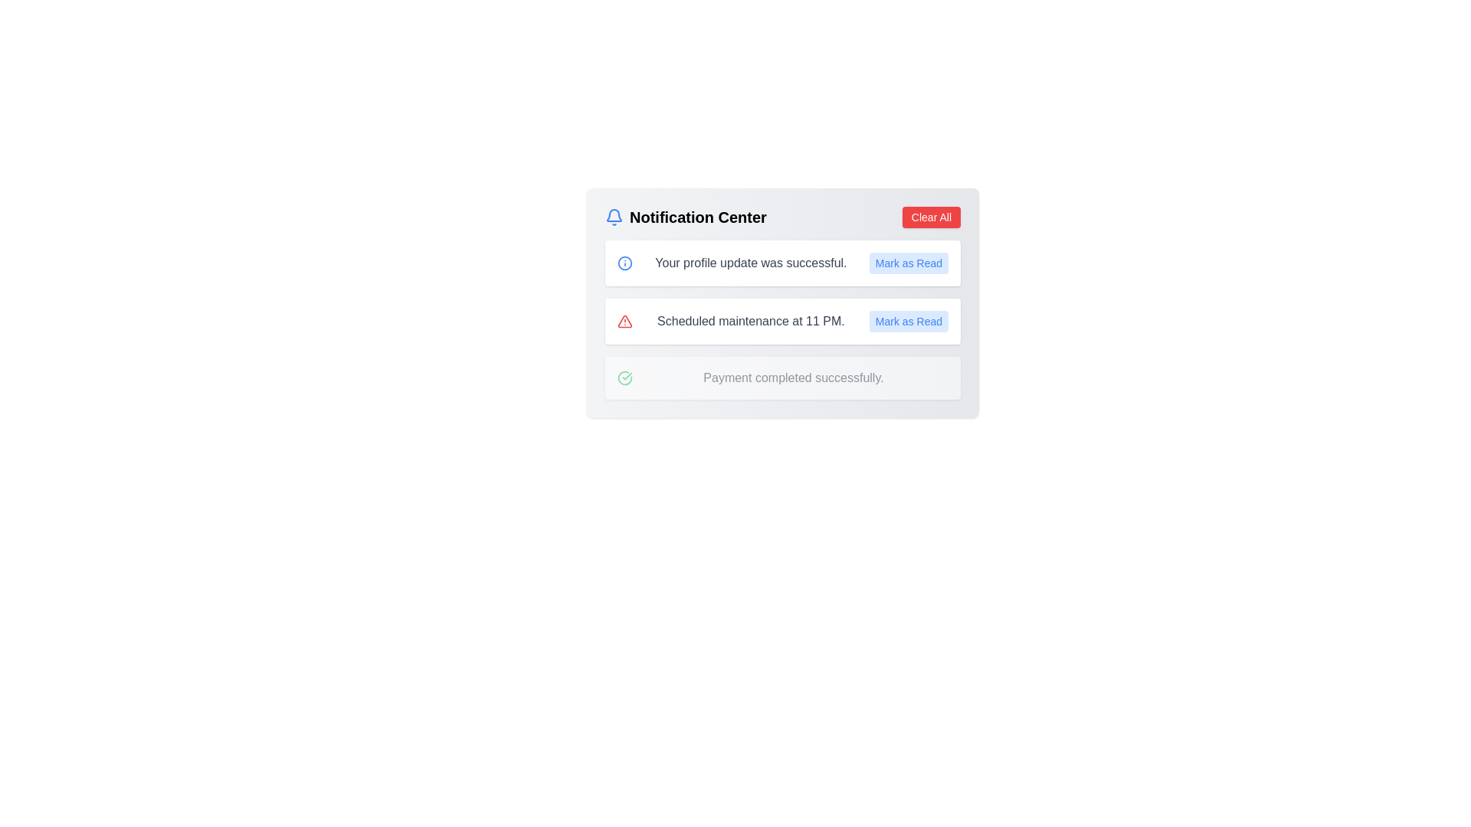 This screenshot has height=827, width=1471. What do you see at coordinates (751, 321) in the screenshot?
I see `the static label displaying 'Scheduled maintenance at 11 PM.' which is centrally located in the notification card, adjacent to a warning icon and a 'Mark as Read' button` at bounding box center [751, 321].